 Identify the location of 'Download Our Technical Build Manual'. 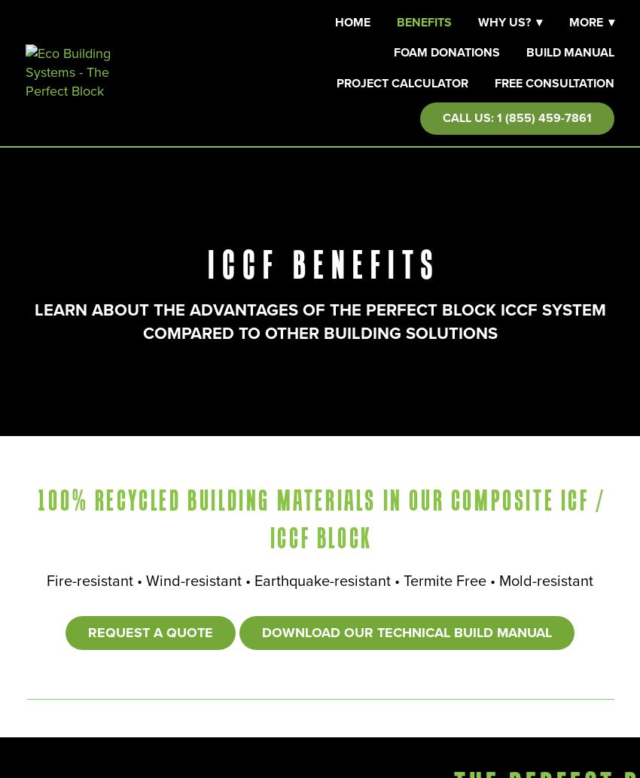
(261, 632).